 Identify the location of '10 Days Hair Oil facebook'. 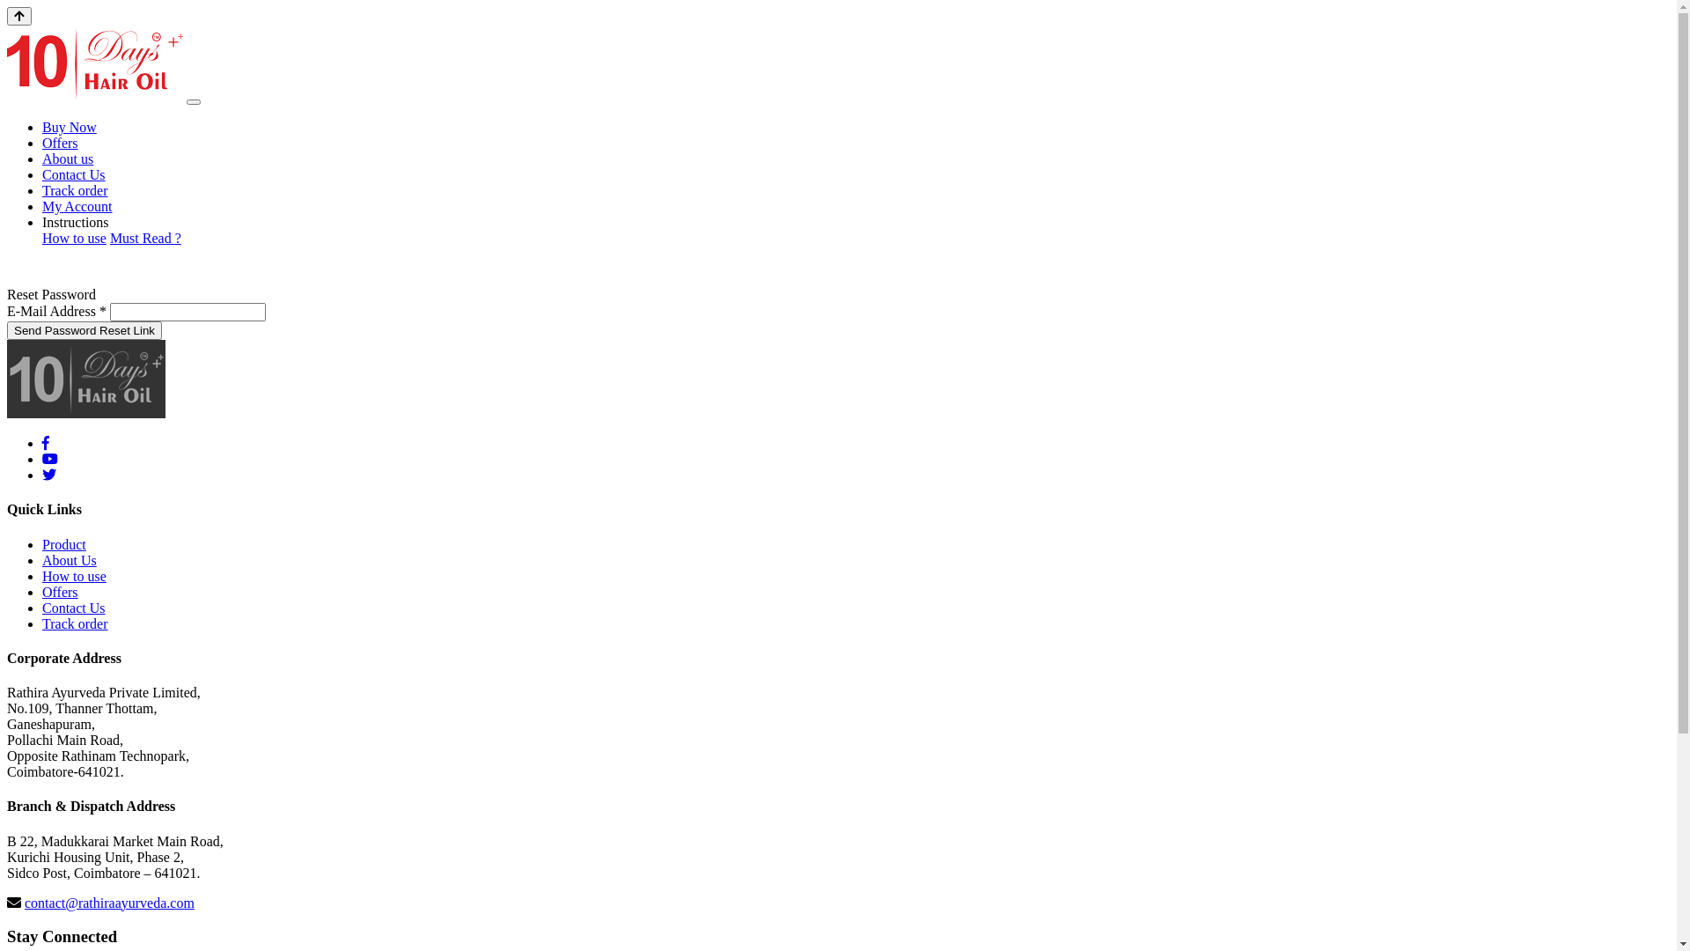
(46, 442).